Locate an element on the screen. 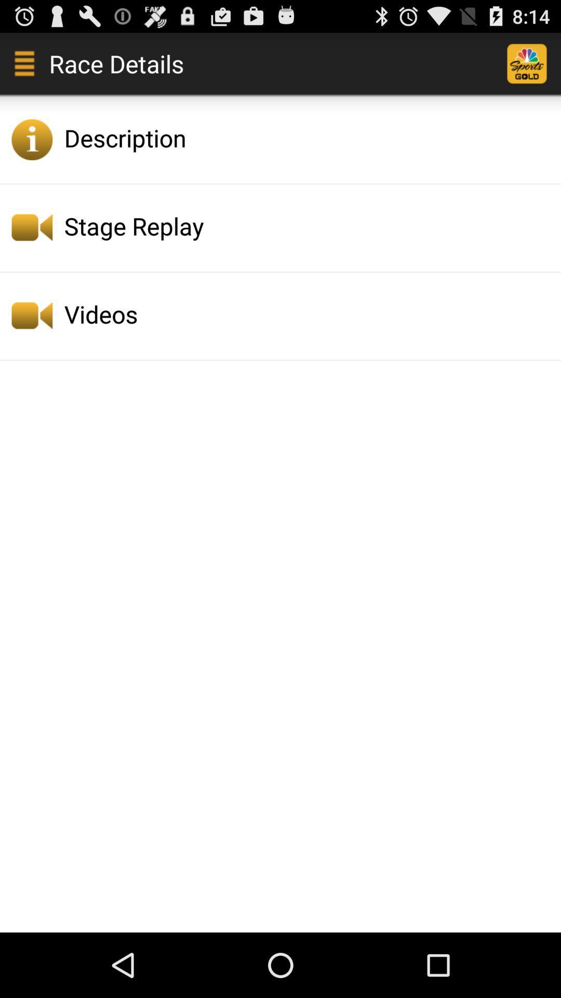 The image size is (561, 998). icon above stage replay is located at coordinates (309, 137).